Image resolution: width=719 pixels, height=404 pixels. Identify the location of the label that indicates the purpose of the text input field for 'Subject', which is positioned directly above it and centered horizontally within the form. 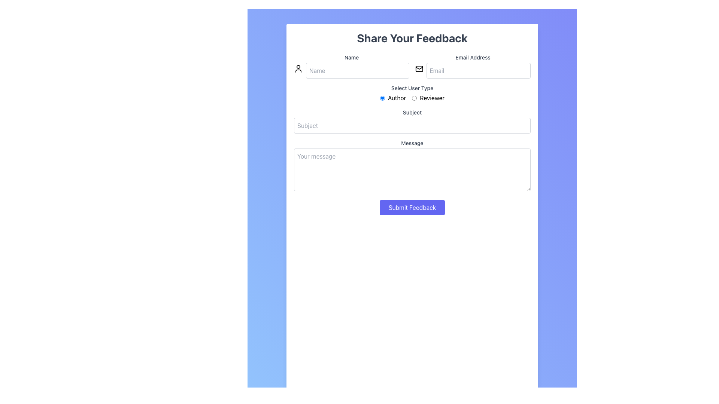
(412, 112).